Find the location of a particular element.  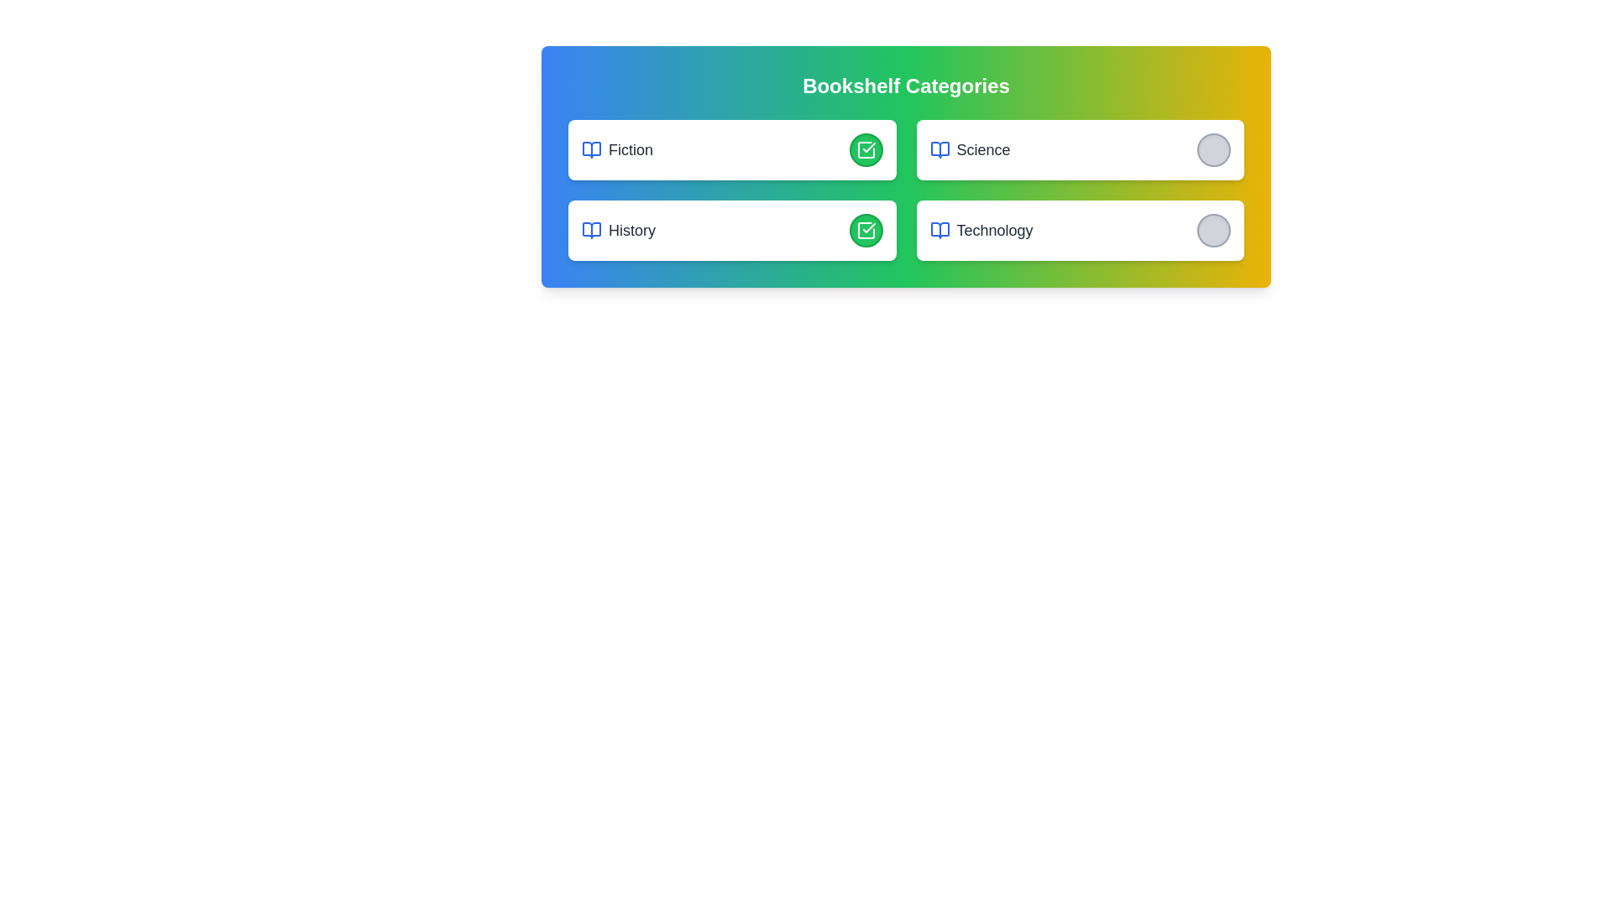

the category name Technology from the list is located at coordinates (970, 230).